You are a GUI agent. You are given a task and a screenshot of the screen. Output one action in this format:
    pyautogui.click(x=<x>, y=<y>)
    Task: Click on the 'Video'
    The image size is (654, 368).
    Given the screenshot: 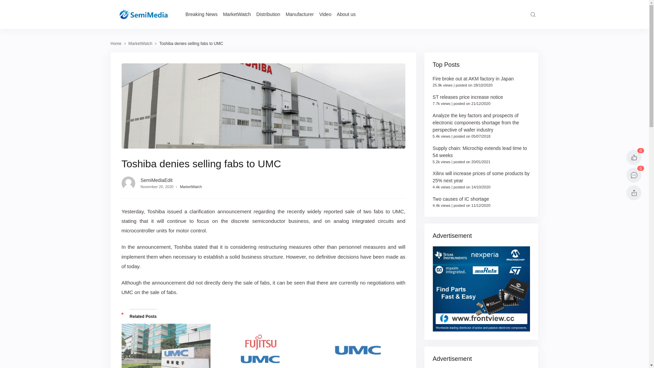 What is the action you would take?
    pyautogui.click(x=325, y=14)
    